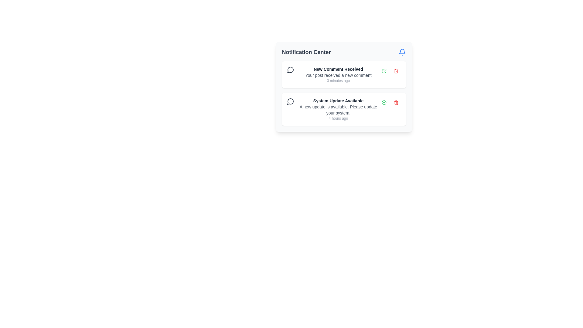  I want to click on the circular button with a green border and checkmark icon to trigger the visual background change, so click(384, 71).